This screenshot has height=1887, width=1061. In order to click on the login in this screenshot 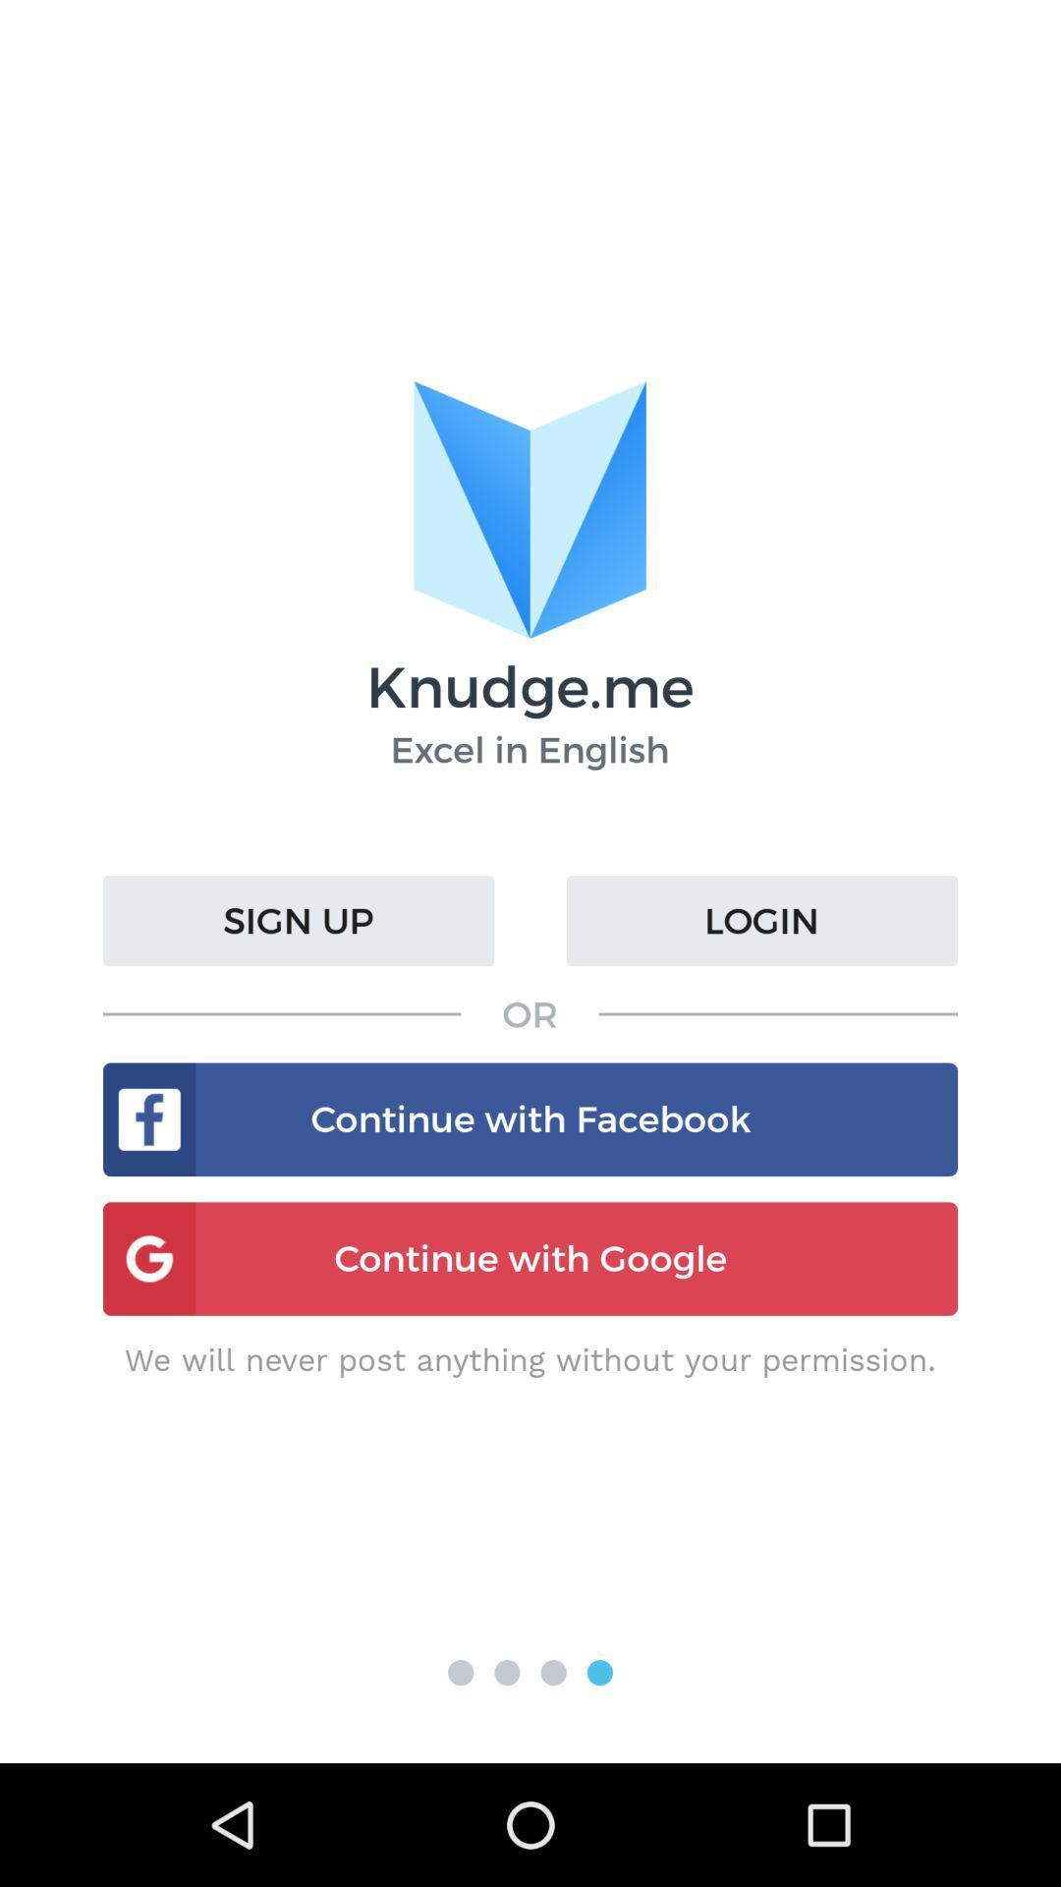, I will do `click(760, 920)`.